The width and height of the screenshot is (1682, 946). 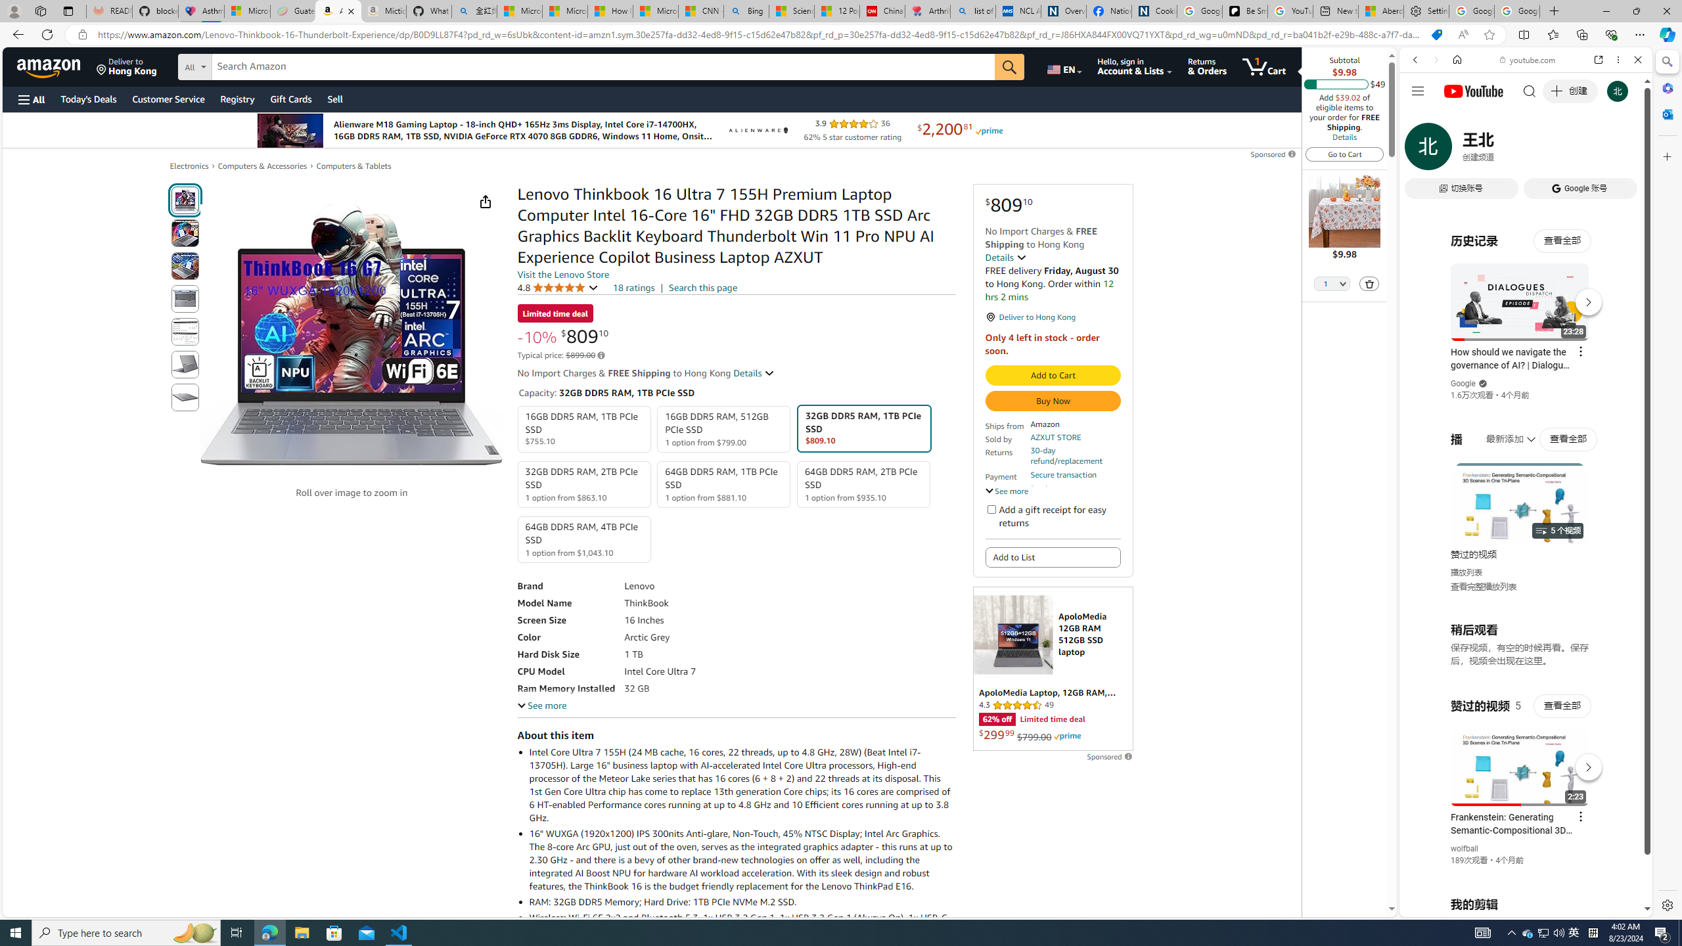 What do you see at coordinates (583, 484) in the screenshot?
I see `'32GB DDR5 RAM, 2TB PCIe SSD 1 option from $863.10'` at bounding box center [583, 484].